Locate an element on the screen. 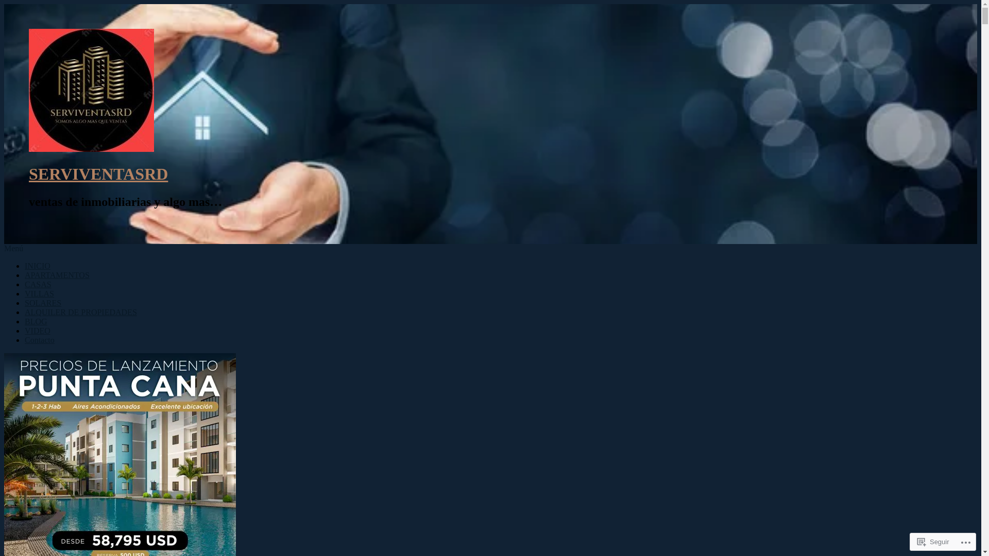 The width and height of the screenshot is (989, 556). 'INICIO' is located at coordinates (37, 265).